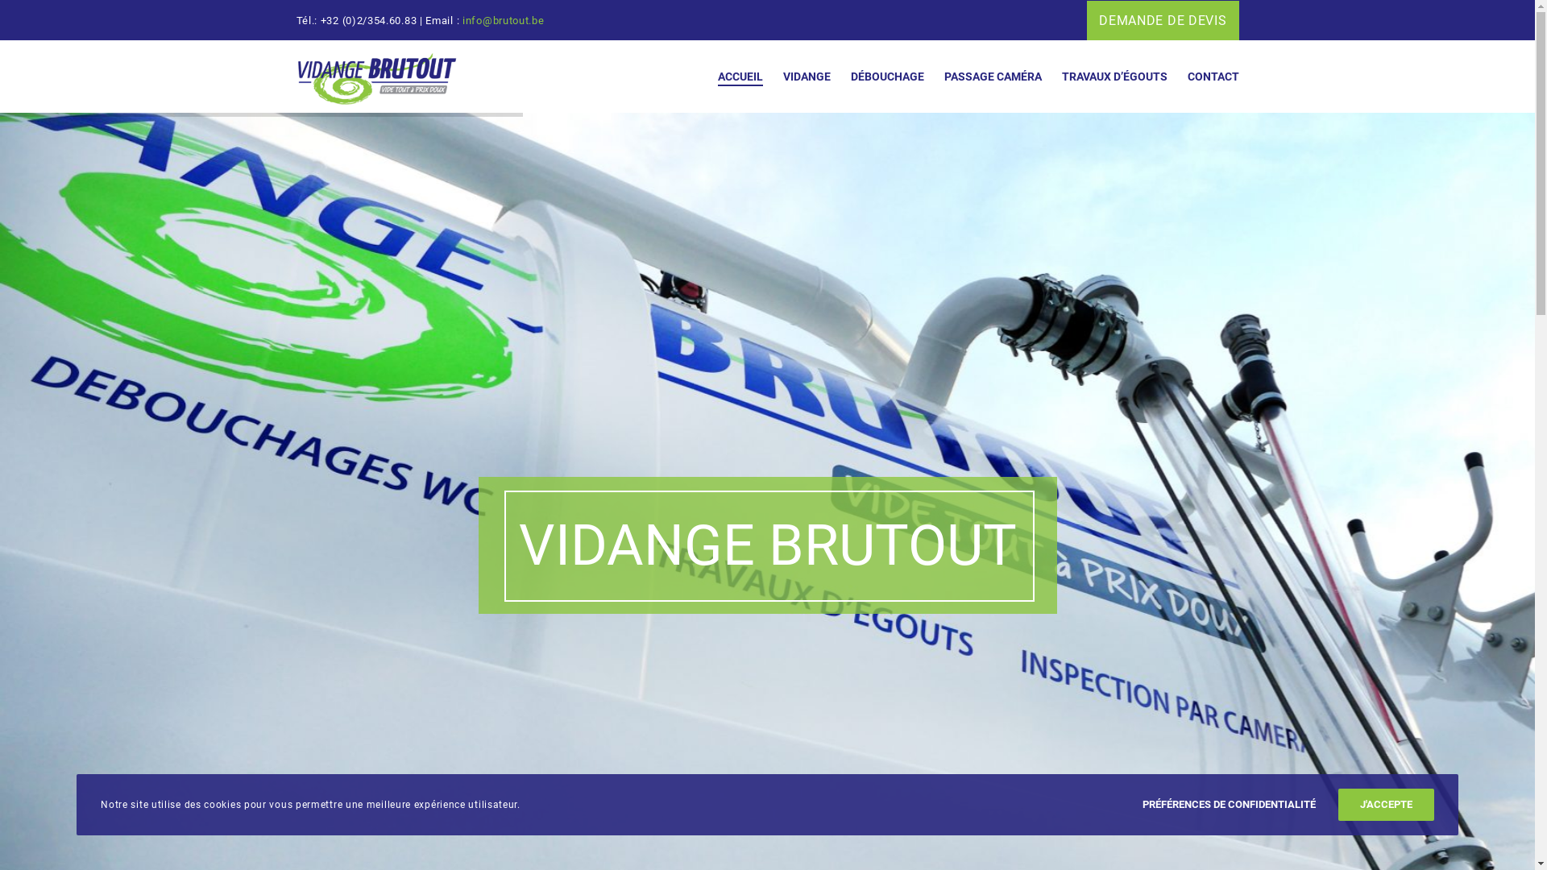 The height and width of the screenshot is (870, 1547). Describe the element at coordinates (796, 77) in the screenshot. I see `'VIDANGE'` at that location.